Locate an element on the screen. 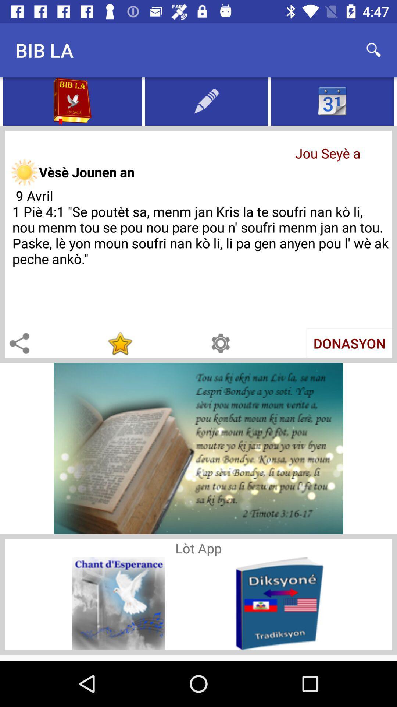 This screenshot has width=397, height=707. the settings icon is located at coordinates (220, 343).